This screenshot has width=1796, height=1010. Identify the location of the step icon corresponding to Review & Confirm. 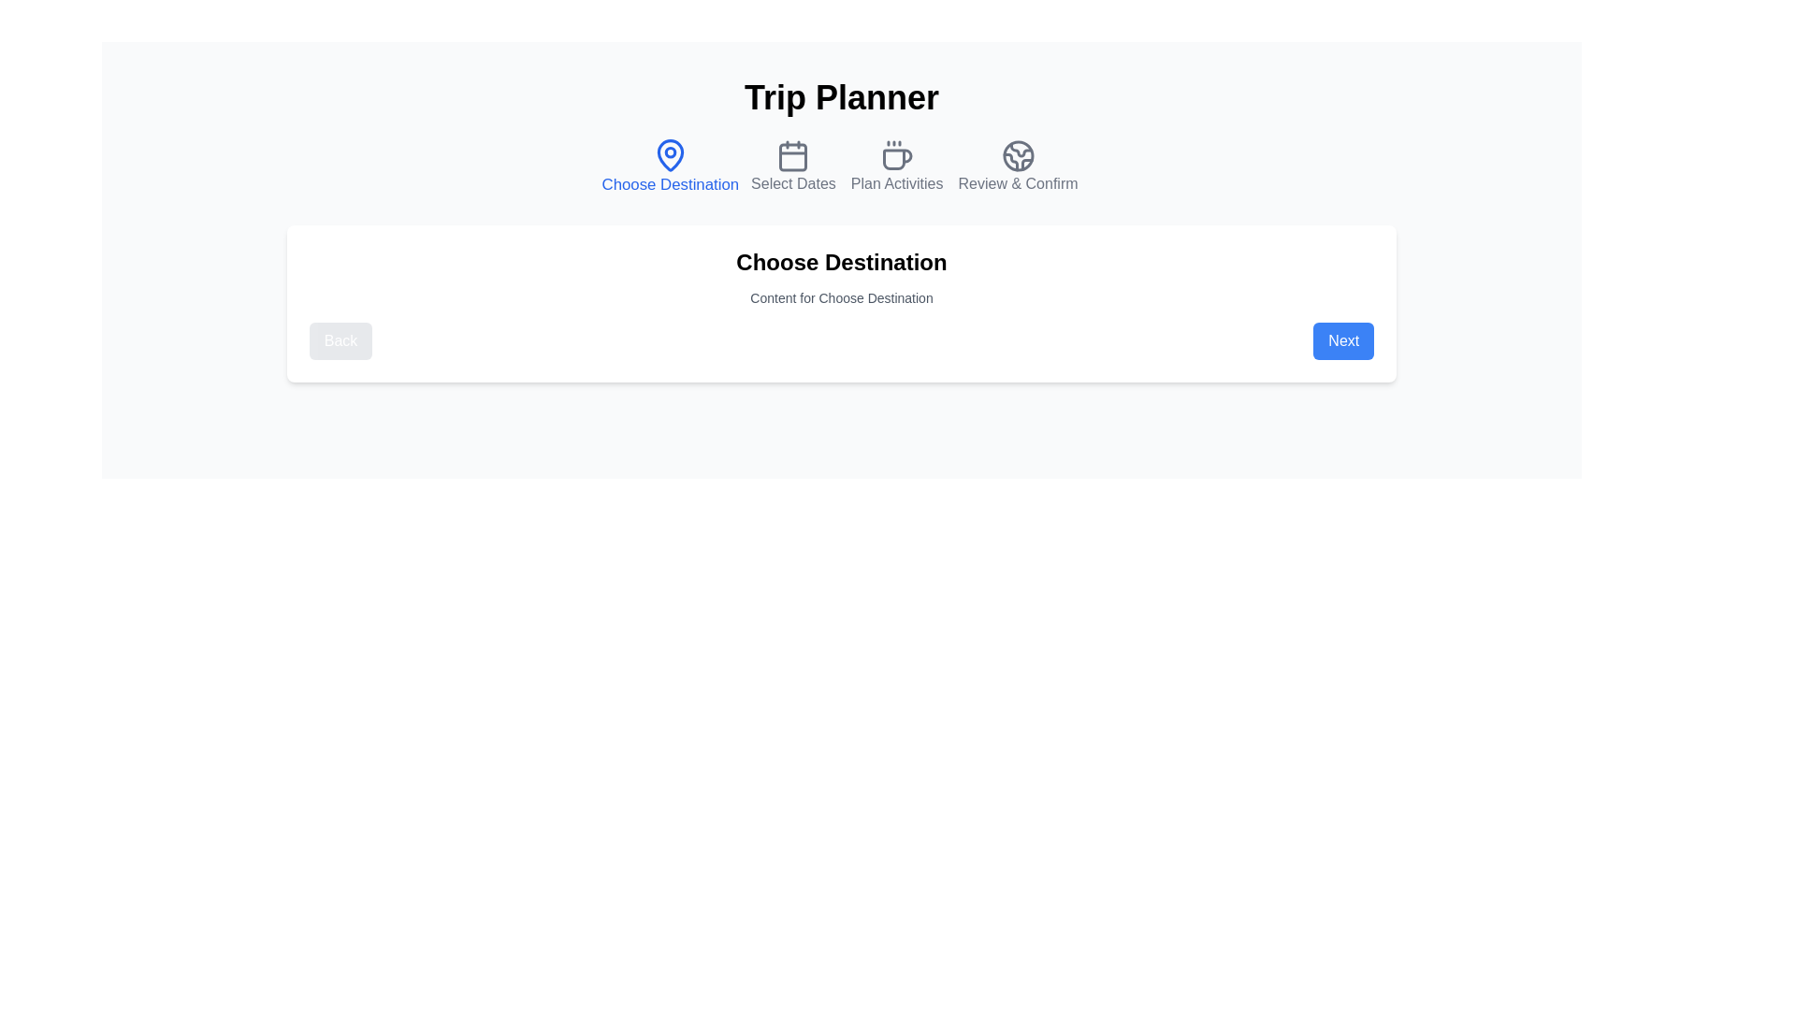
(1017, 166).